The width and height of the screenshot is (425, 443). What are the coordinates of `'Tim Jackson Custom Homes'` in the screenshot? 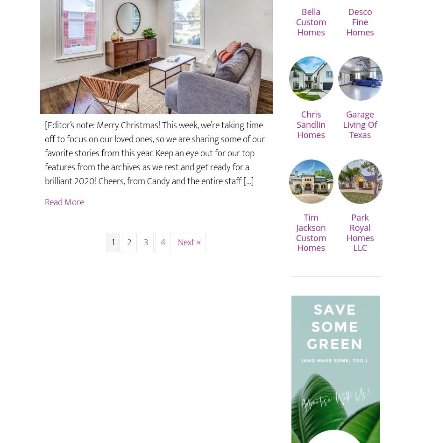 It's located at (295, 232).